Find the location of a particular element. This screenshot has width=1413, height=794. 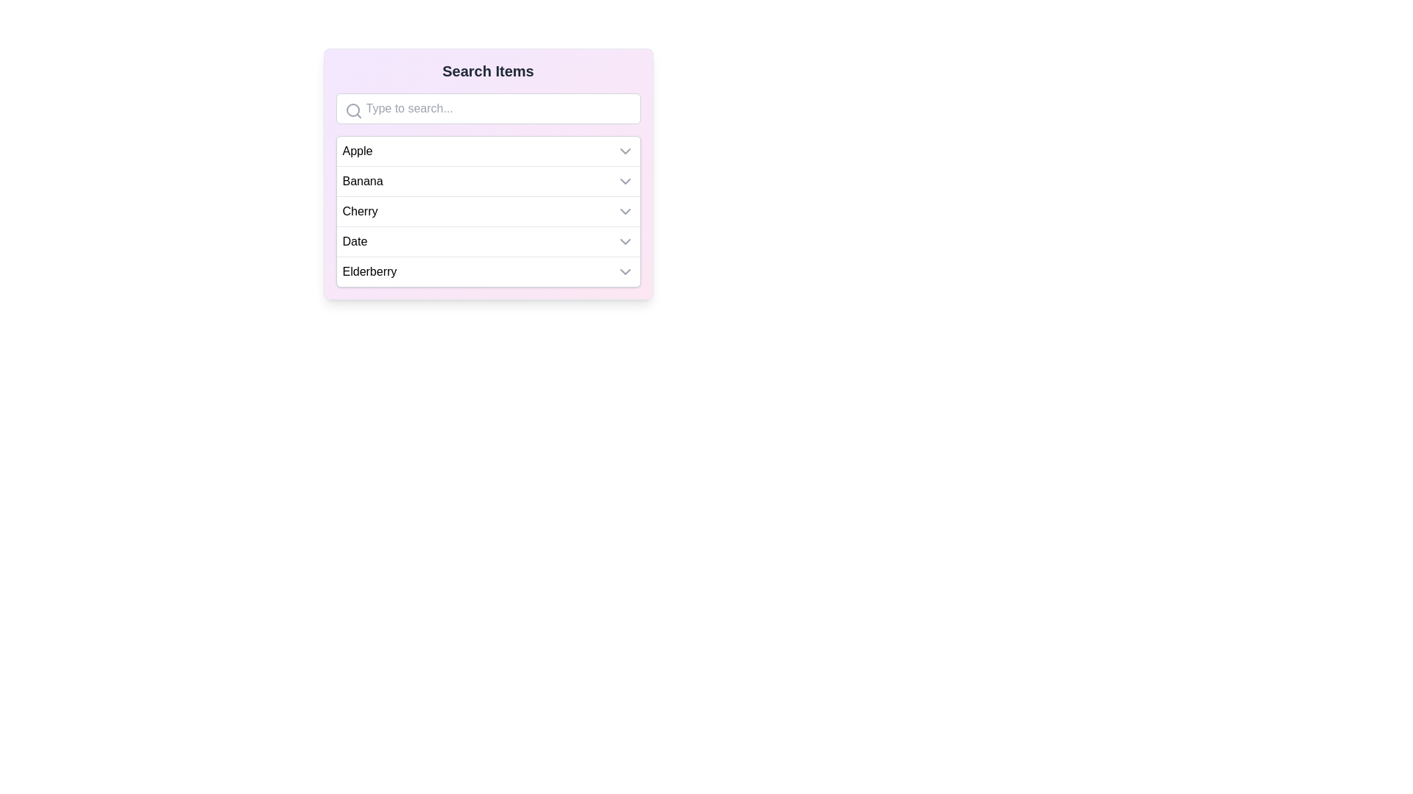

the magnifying glass icon representing the search functionality located at the leftmost part of the search bar is located at coordinates (353, 110).